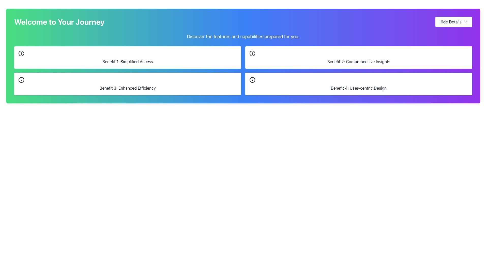  Describe the element at coordinates (128, 84) in the screenshot. I see `the Informational card that conveys the concept of 'Enhanced Efficiency', located in the bottom-left quadrant of a 2x2 grid structure, below 'Benefit 1: Simplified Access' and to the left of 'Benefit 4: User-centric Design'` at that location.